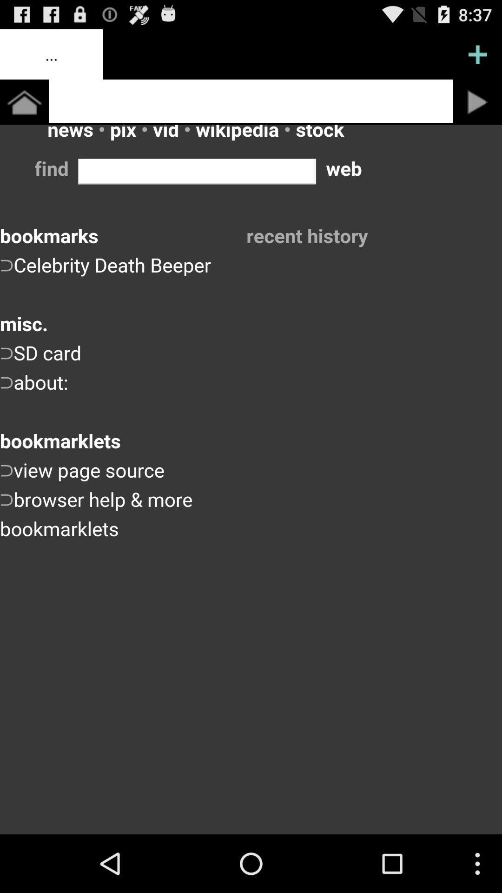 The height and width of the screenshot is (893, 502). Describe the element at coordinates (24, 102) in the screenshot. I see `home` at that location.